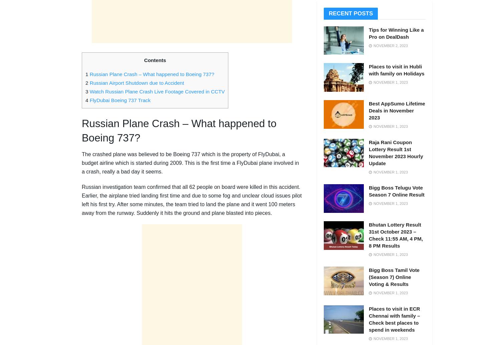 This screenshot has width=484, height=345. Describe the element at coordinates (192, 200) in the screenshot. I see `'Russian investigation team confirmed that all 62 people on board were killed in this accident. Earlier, the airplane tried landing first time and due to some fog and unclear cloud issues pilot left his first try. After some minutes, the team tried to land the plane and it went 100 meters away from the runway. Suddenly it hits the ground and plane blasted into pieces.'` at that location.